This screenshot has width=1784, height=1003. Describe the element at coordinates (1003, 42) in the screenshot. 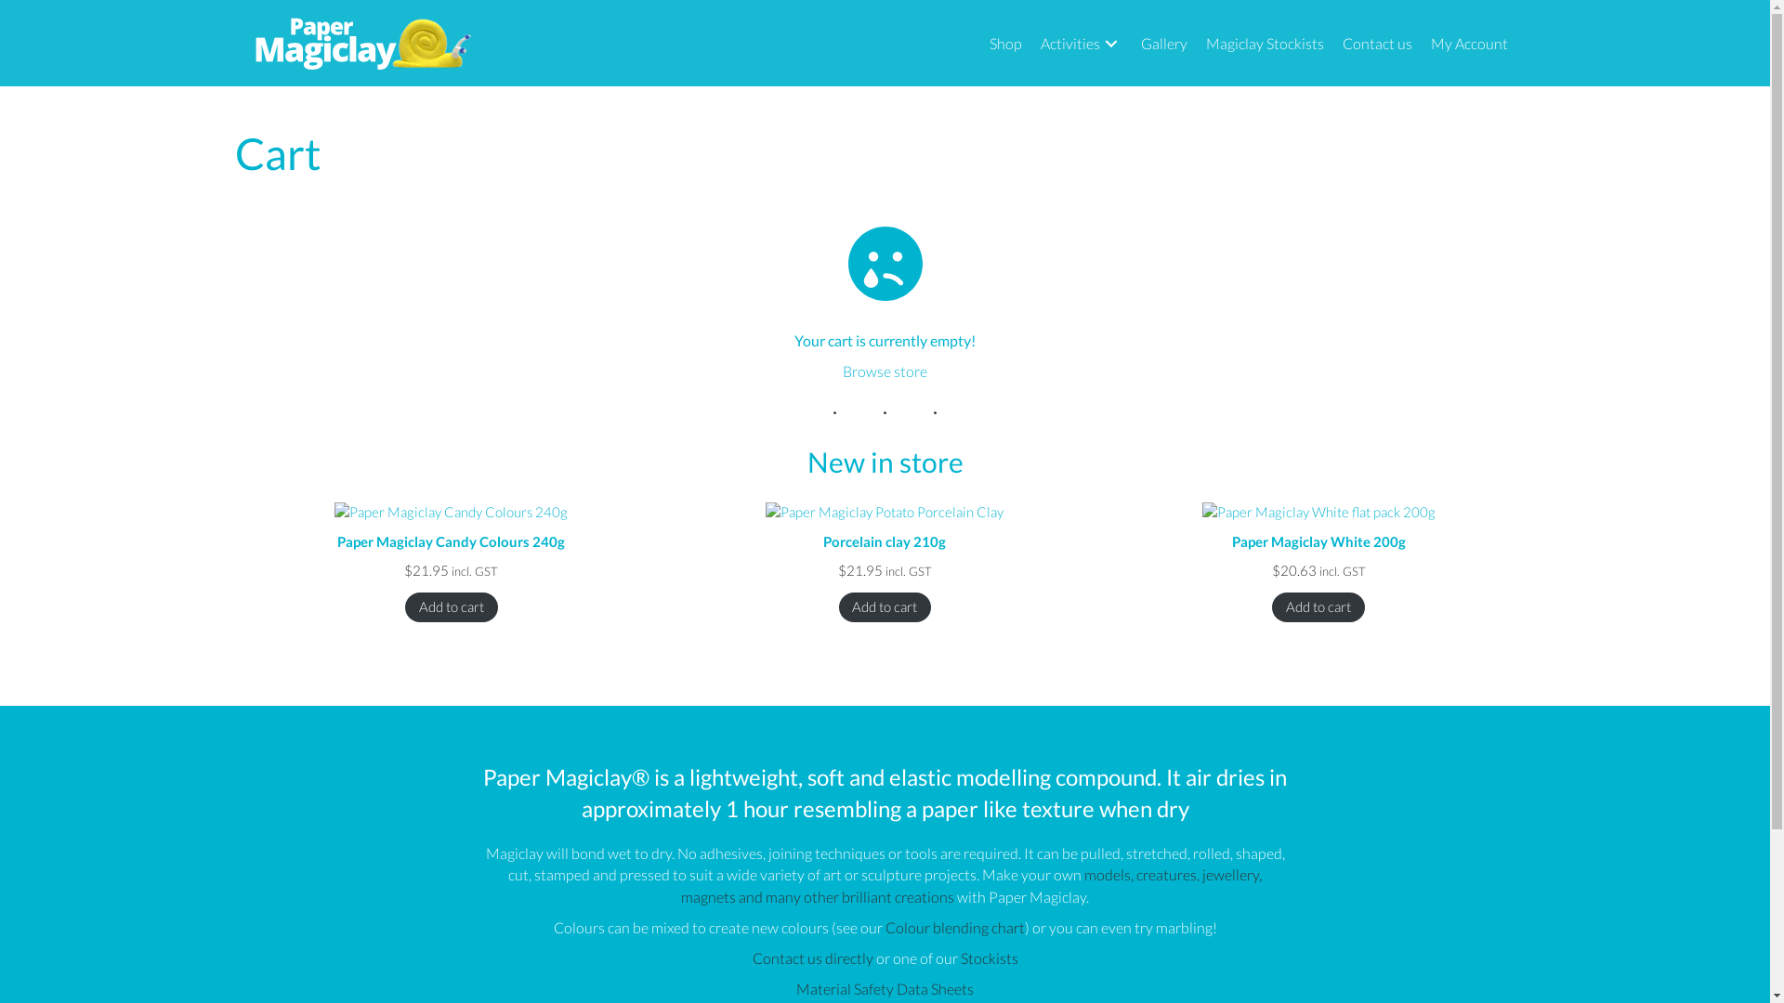

I see `'Shop'` at that location.